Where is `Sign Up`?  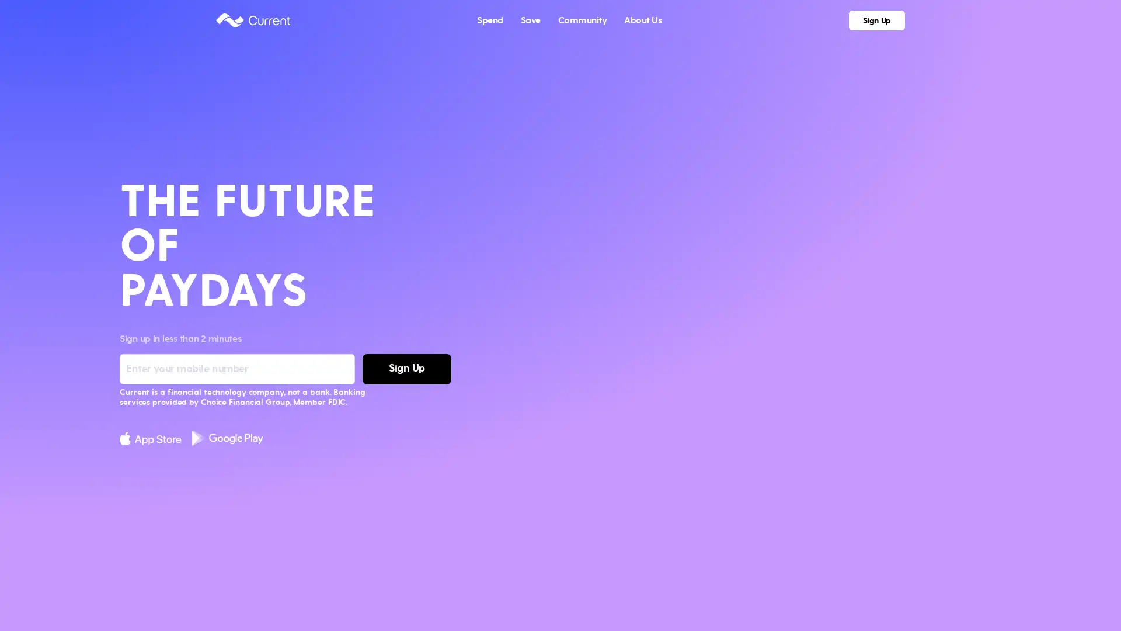 Sign Up is located at coordinates (874, 20).